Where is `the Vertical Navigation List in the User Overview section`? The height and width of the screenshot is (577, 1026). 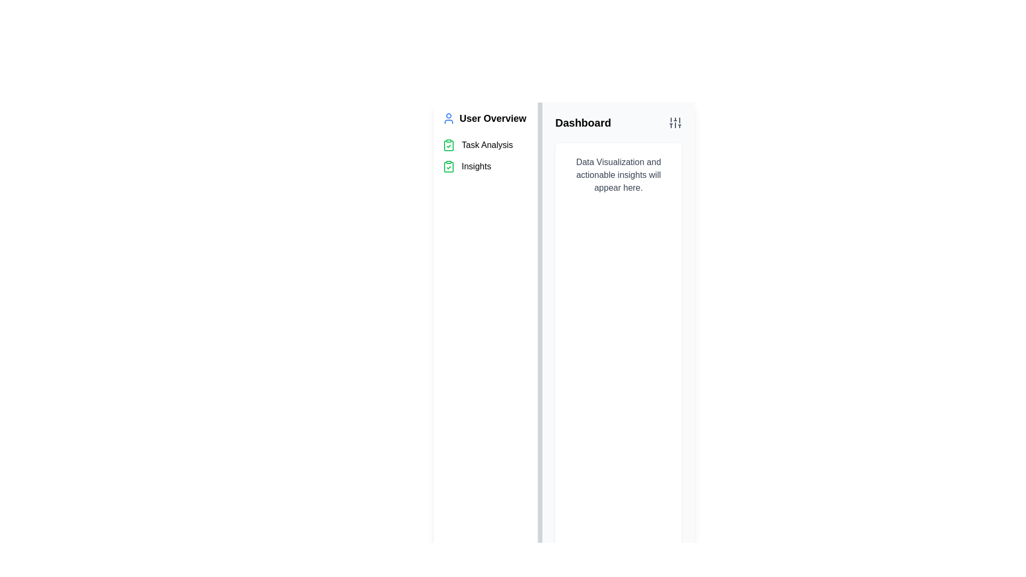
the Vertical Navigation List in the User Overview section is located at coordinates (485, 156).